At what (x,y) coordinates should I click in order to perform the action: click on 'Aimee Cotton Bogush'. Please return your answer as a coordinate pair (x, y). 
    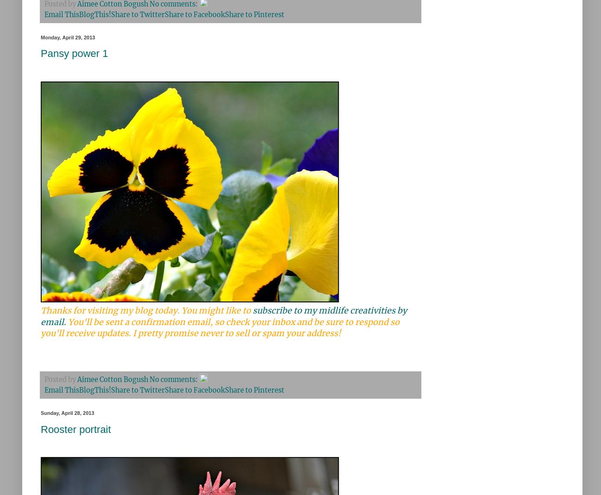
    Looking at the image, I should click on (113, 380).